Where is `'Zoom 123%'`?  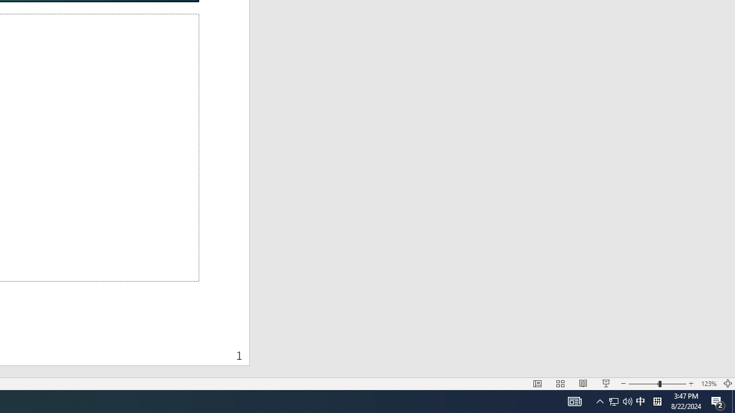
'Zoom 123%' is located at coordinates (708, 384).